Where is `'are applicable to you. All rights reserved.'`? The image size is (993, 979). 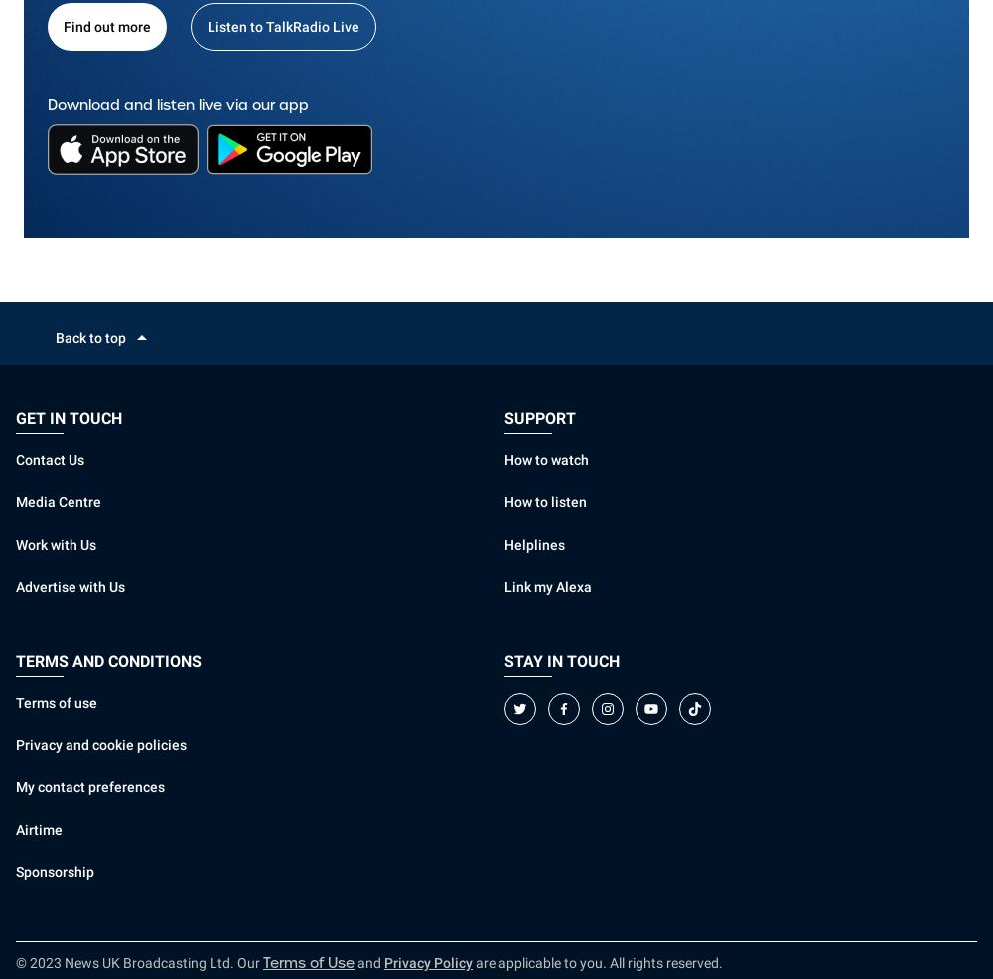 'are applicable to you. All rights reserved.' is located at coordinates (598, 963).